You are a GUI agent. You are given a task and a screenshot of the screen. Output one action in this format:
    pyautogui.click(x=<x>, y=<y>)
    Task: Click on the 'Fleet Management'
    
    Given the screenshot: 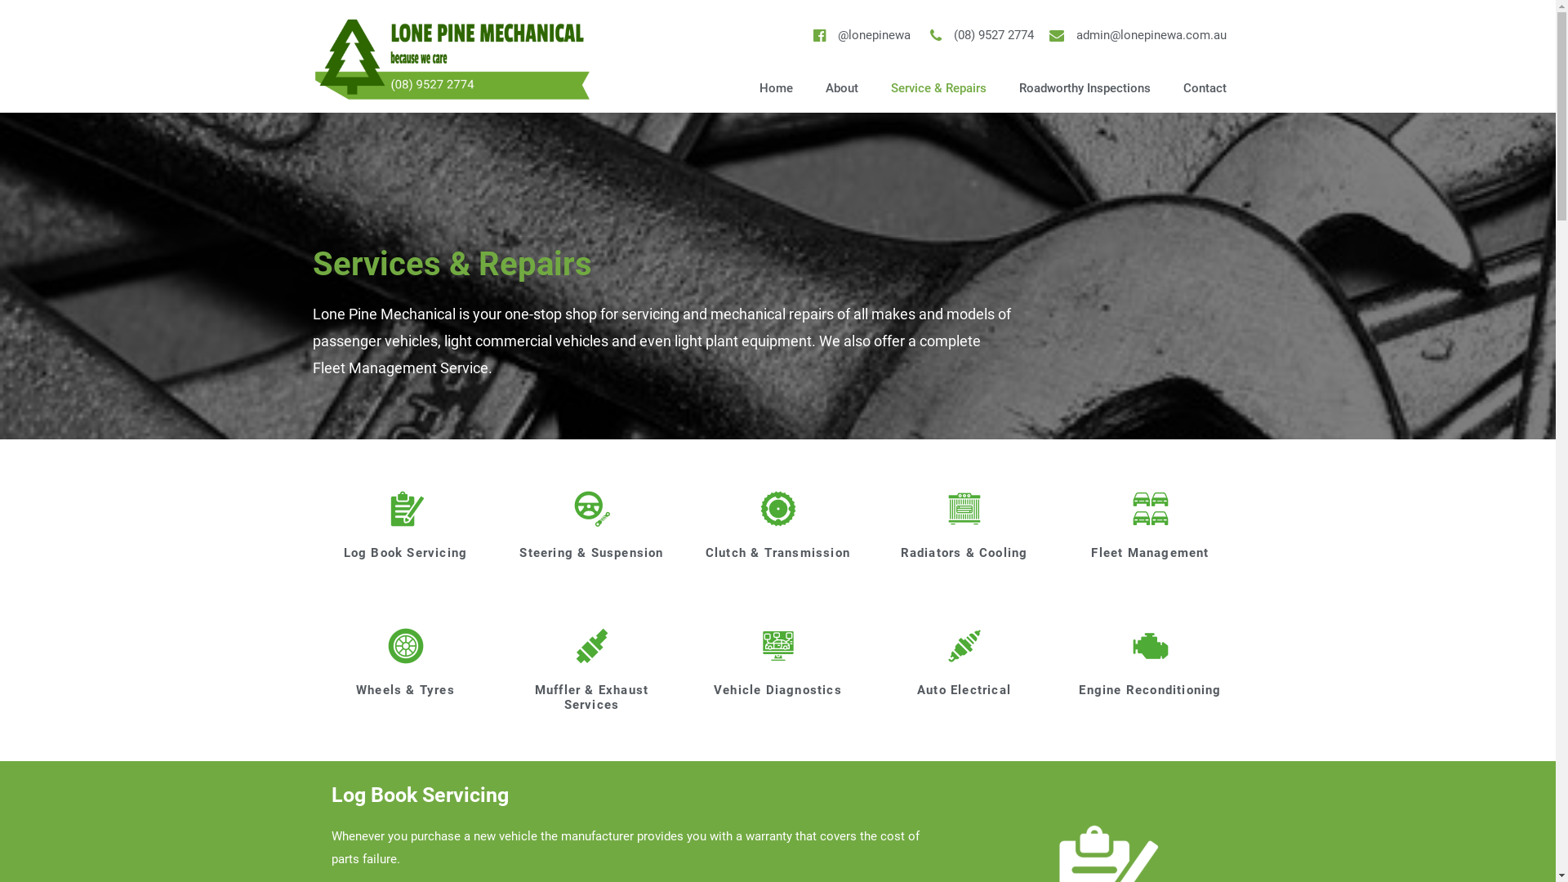 What is the action you would take?
    pyautogui.click(x=1148, y=552)
    